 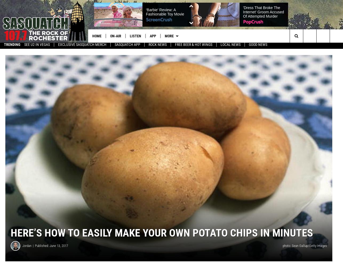 I want to click on 'Here’s How To Easily Make Your Own Potato Chips In Minutes', so click(x=10, y=235).